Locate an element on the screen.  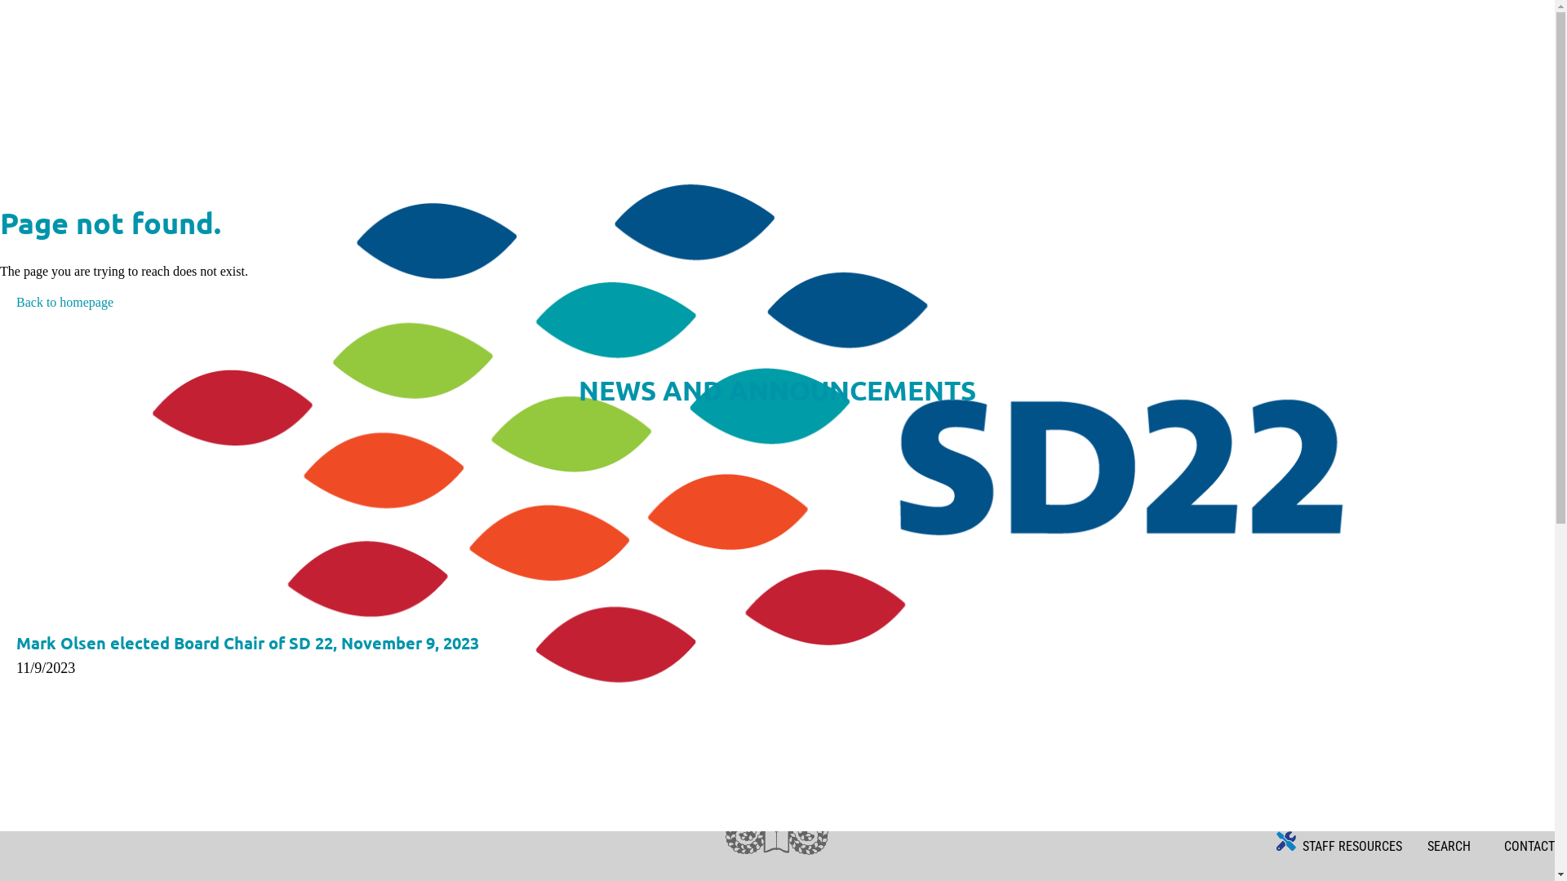
'Mark Olsen elected Board Chair of SD 22, November 9, 2023' is located at coordinates (246, 641).